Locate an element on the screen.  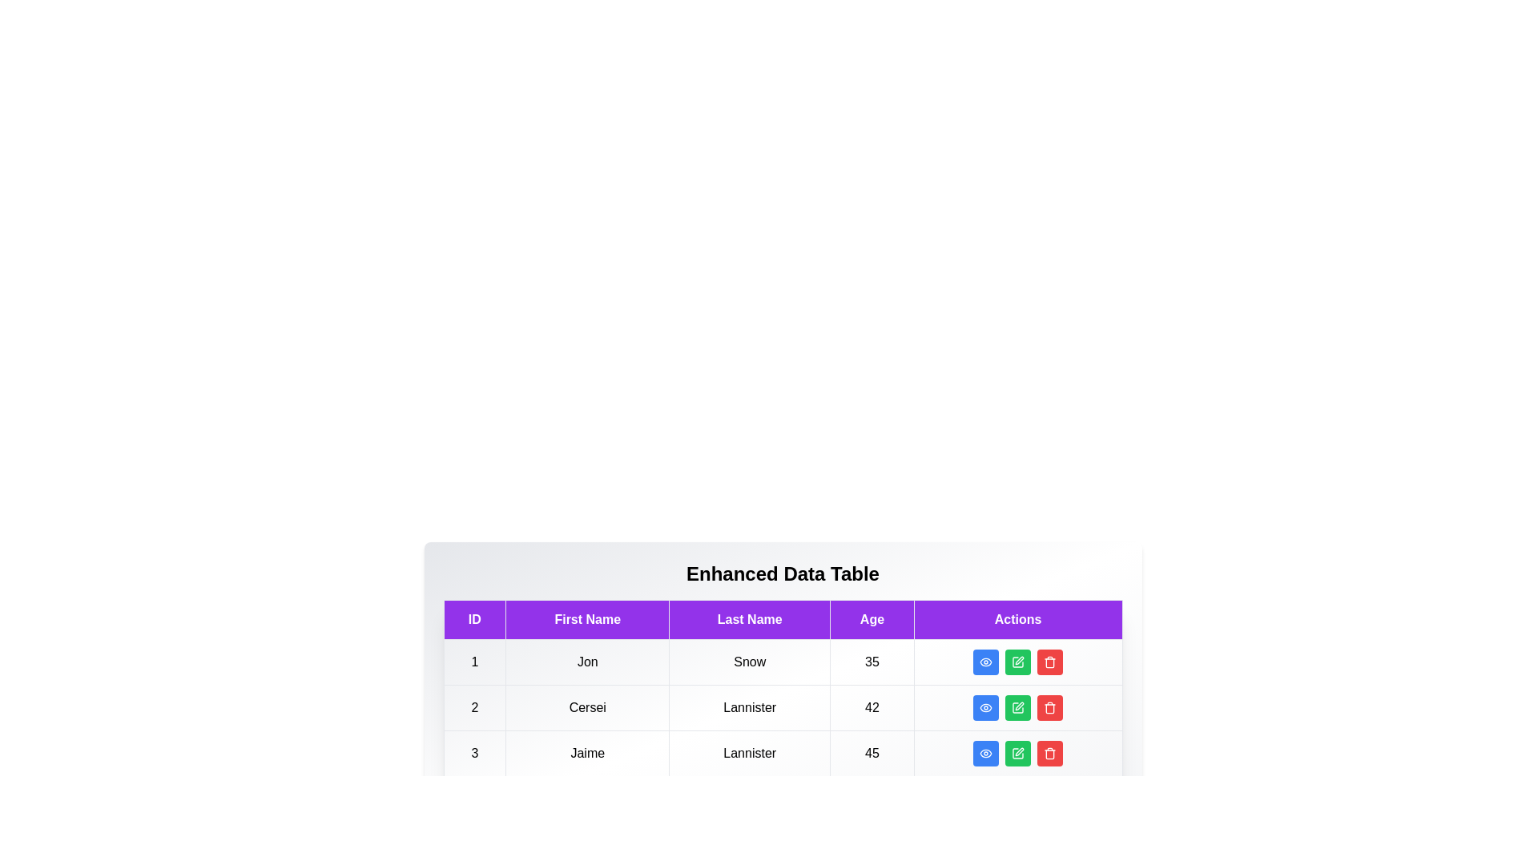
the column header Age to sort the table by that column is located at coordinates (872, 619).